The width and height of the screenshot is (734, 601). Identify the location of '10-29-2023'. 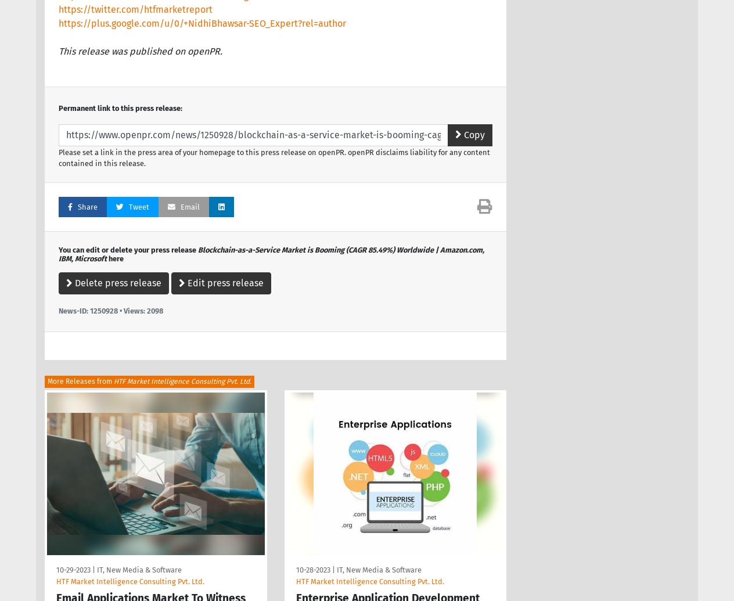
(73, 569).